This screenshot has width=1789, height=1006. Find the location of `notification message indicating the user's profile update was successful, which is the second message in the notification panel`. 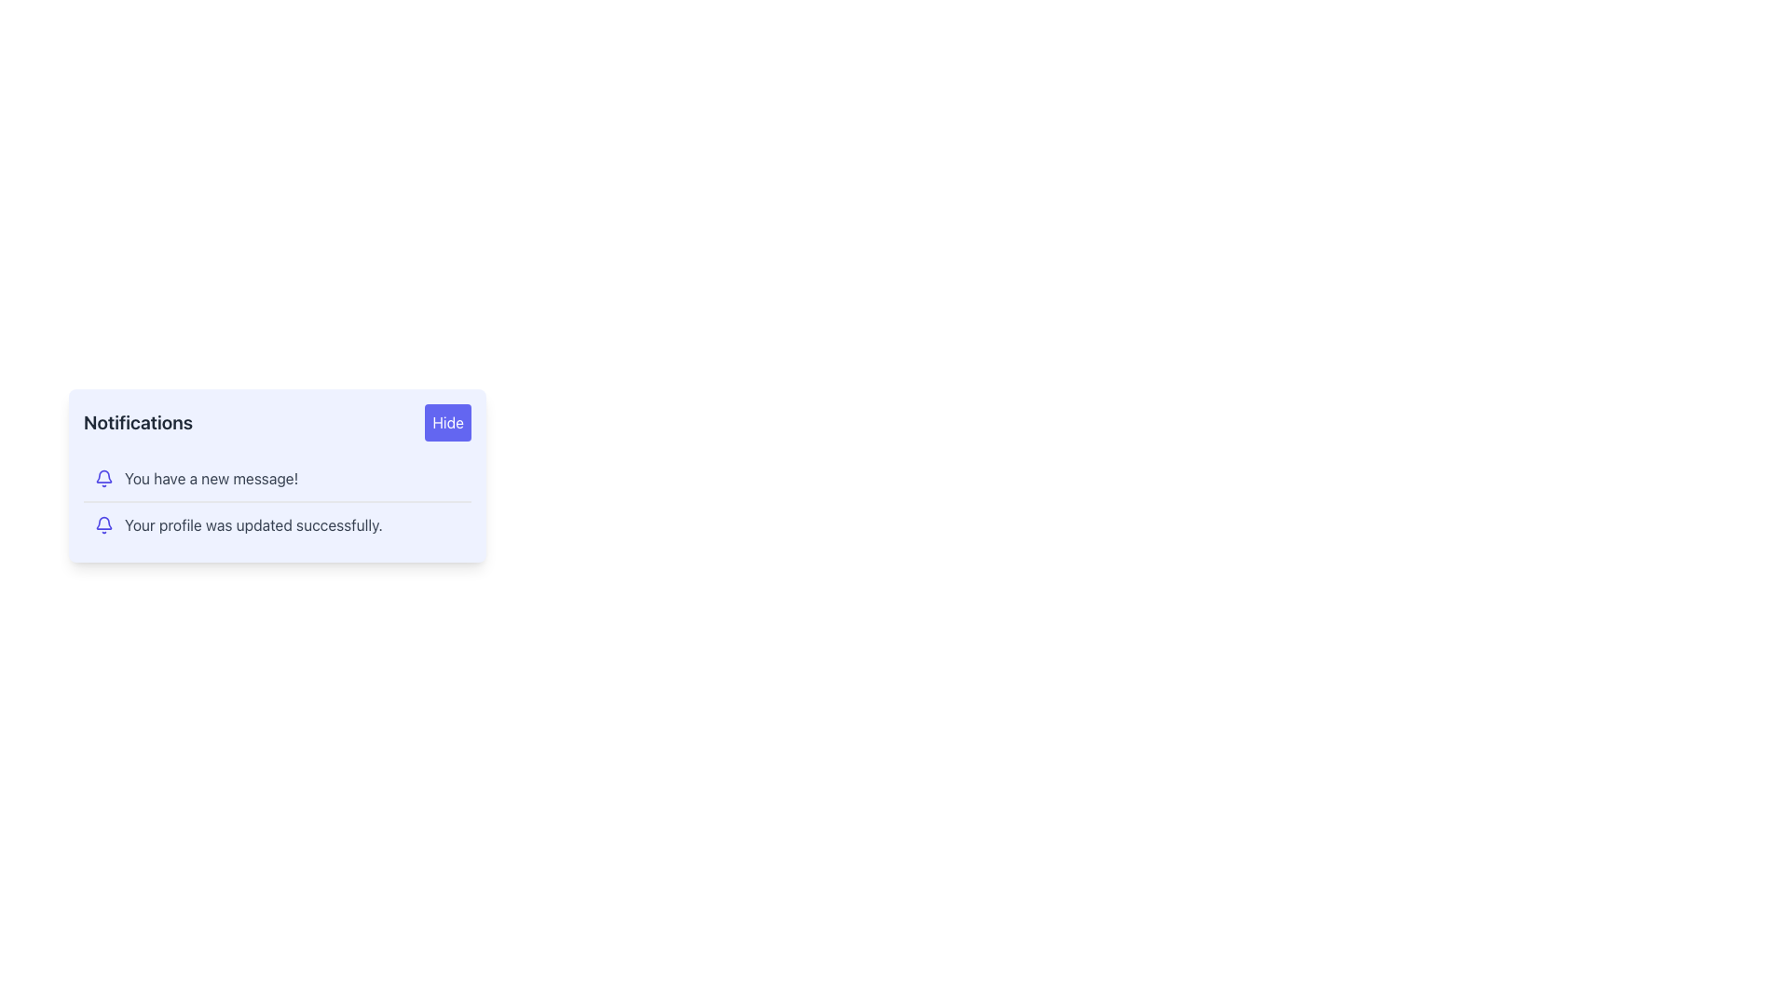

notification message indicating the user's profile update was successful, which is the second message in the notification panel is located at coordinates (253, 524).